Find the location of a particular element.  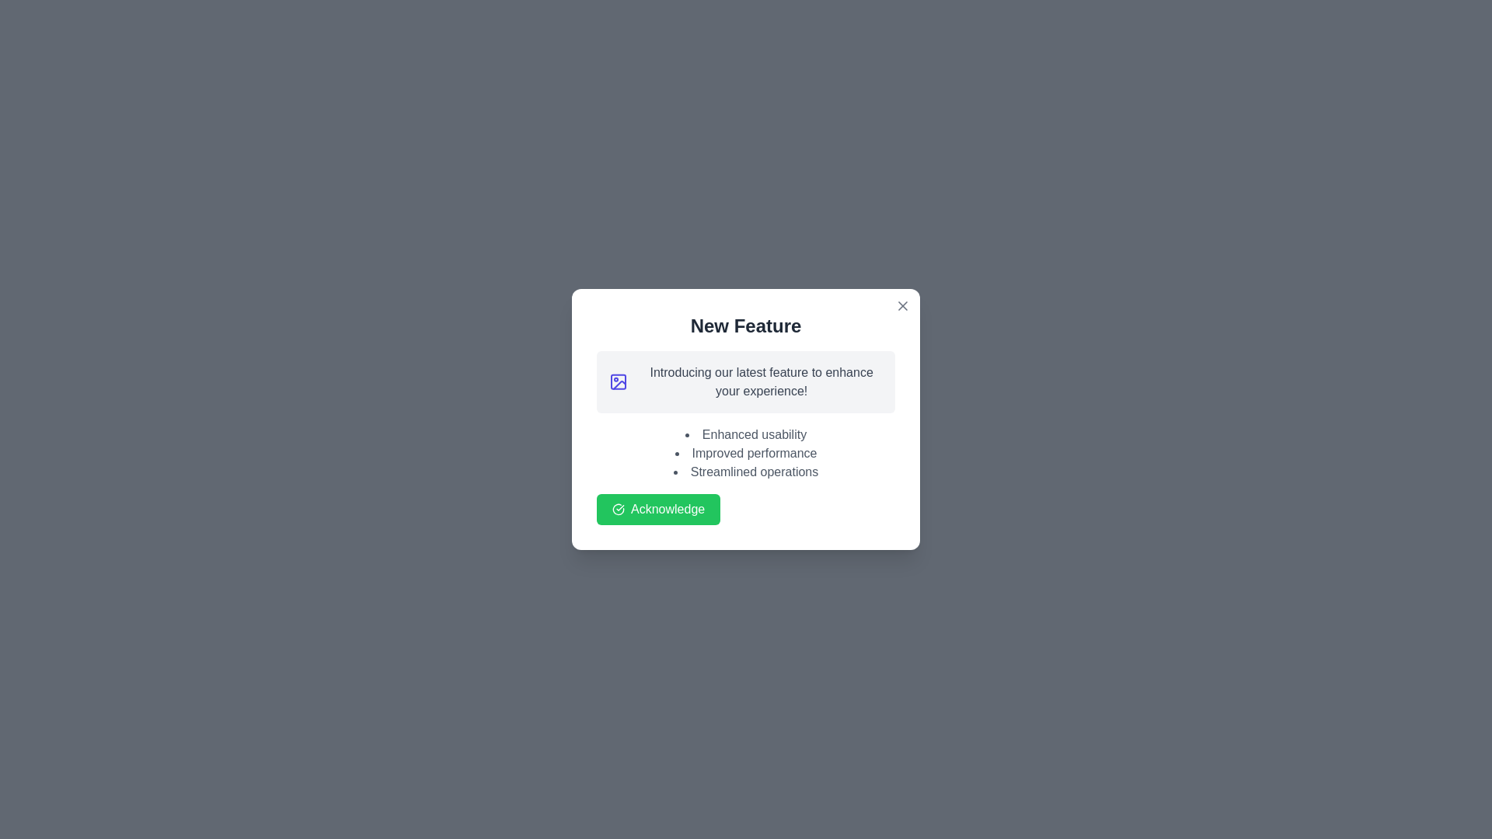

the vibrant green 'Acknowledge' button with a check mark icon to acknowledge the information is located at coordinates (658, 509).